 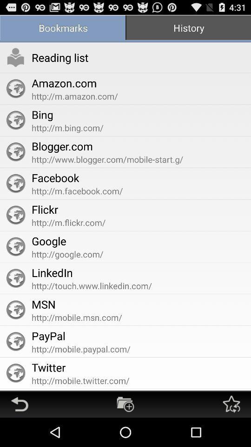 What do you see at coordinates (231, 433) in the screenshot?
I see `the star icon` at bounding box center [231, 433].